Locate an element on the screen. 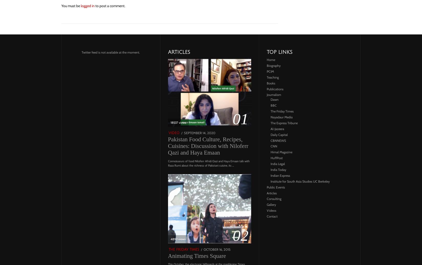 Image resolution: width=422 pixels, height=265 pixels. 'CBNNEWS' is located at coordinates (278, 140).